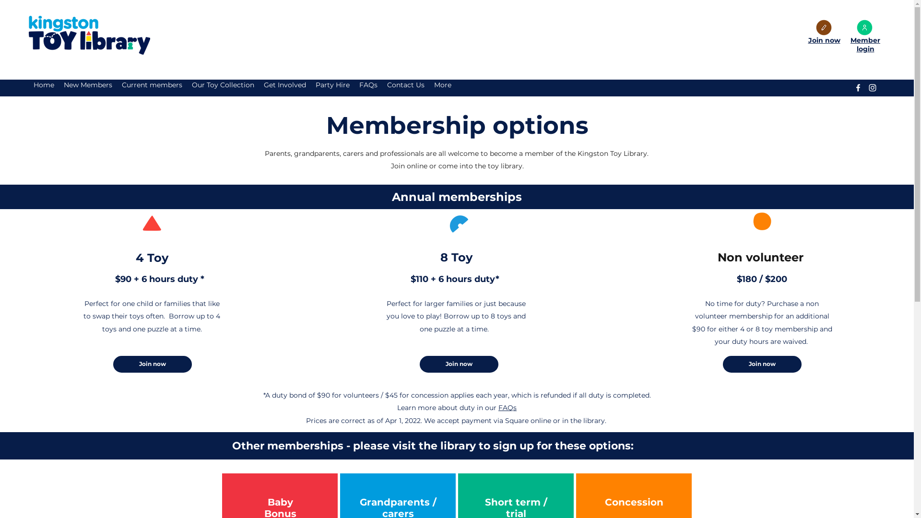  I want to click on 'Our Toy Collection', so click(187, 87).